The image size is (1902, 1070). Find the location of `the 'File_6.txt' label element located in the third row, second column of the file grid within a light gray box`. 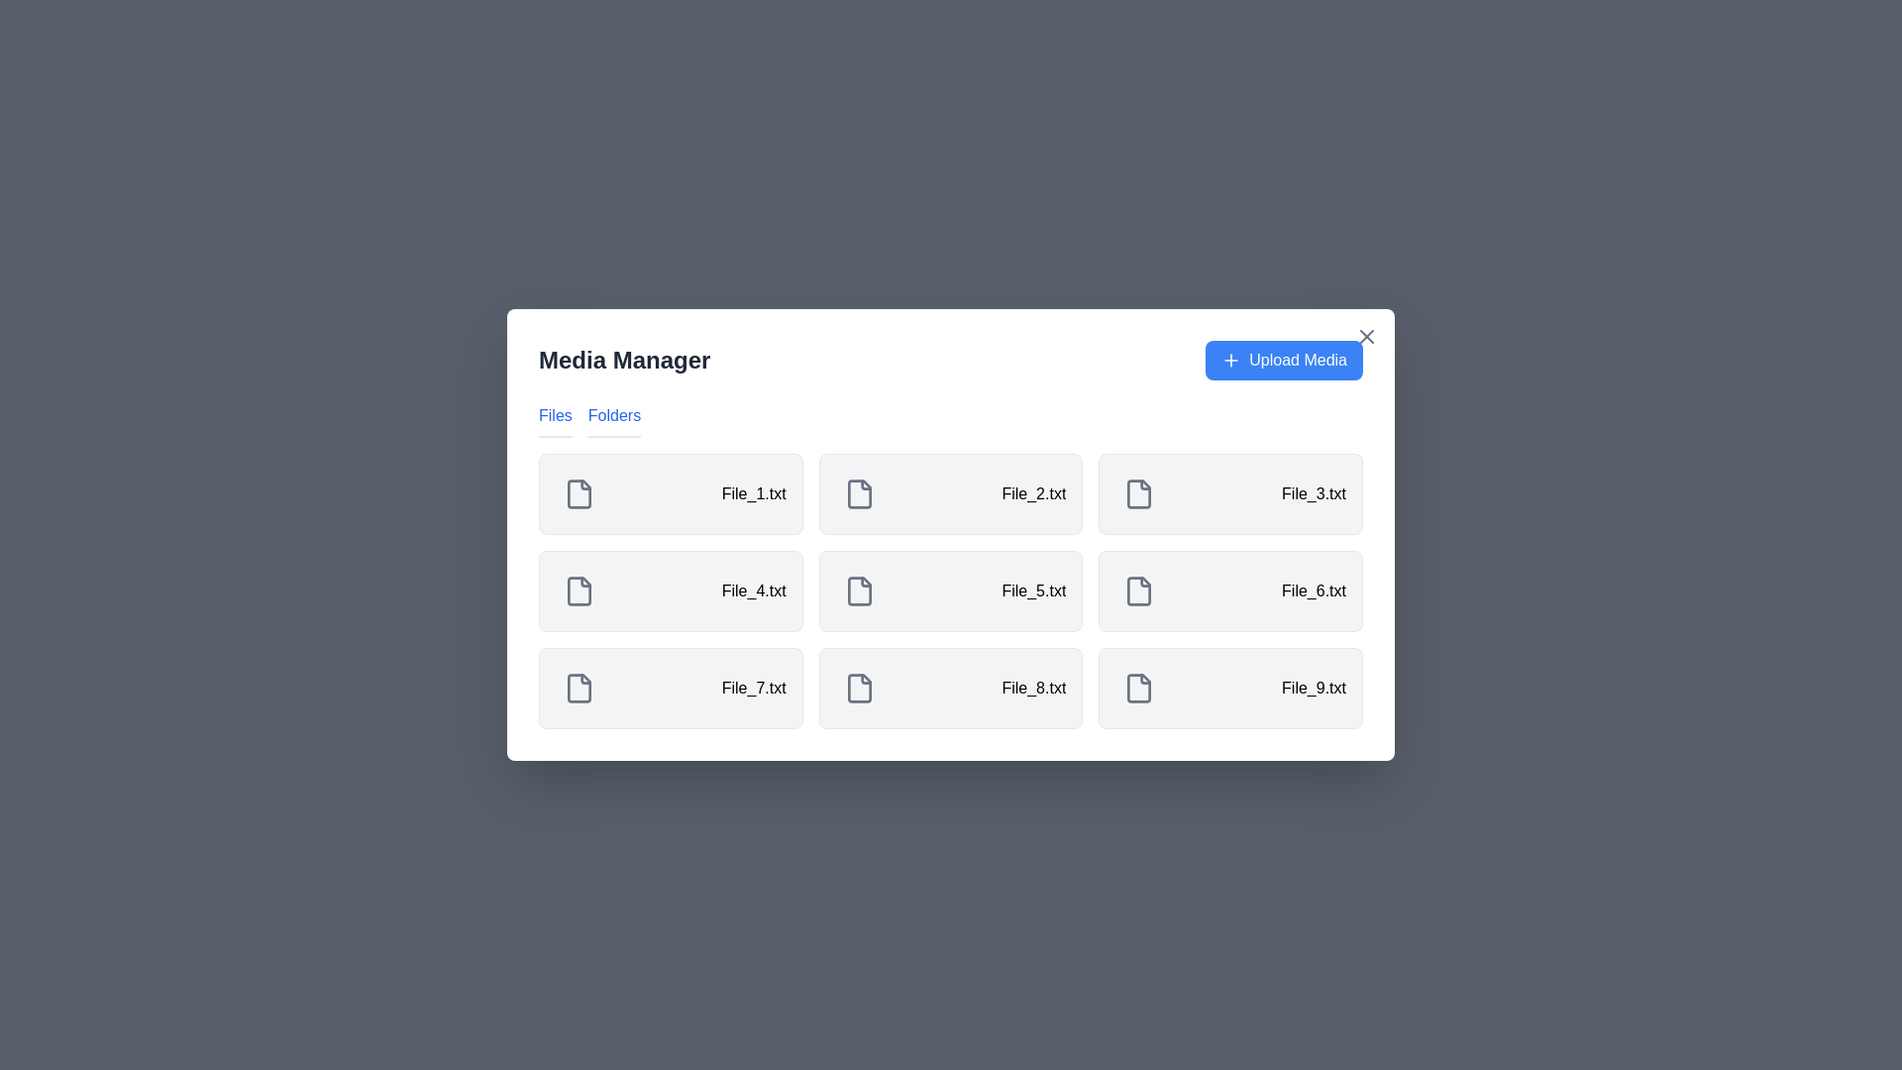

the 'File_6.txt' label element located in the third row, second column of the file grid within a light gray box is located at coordinates (1314, 590).